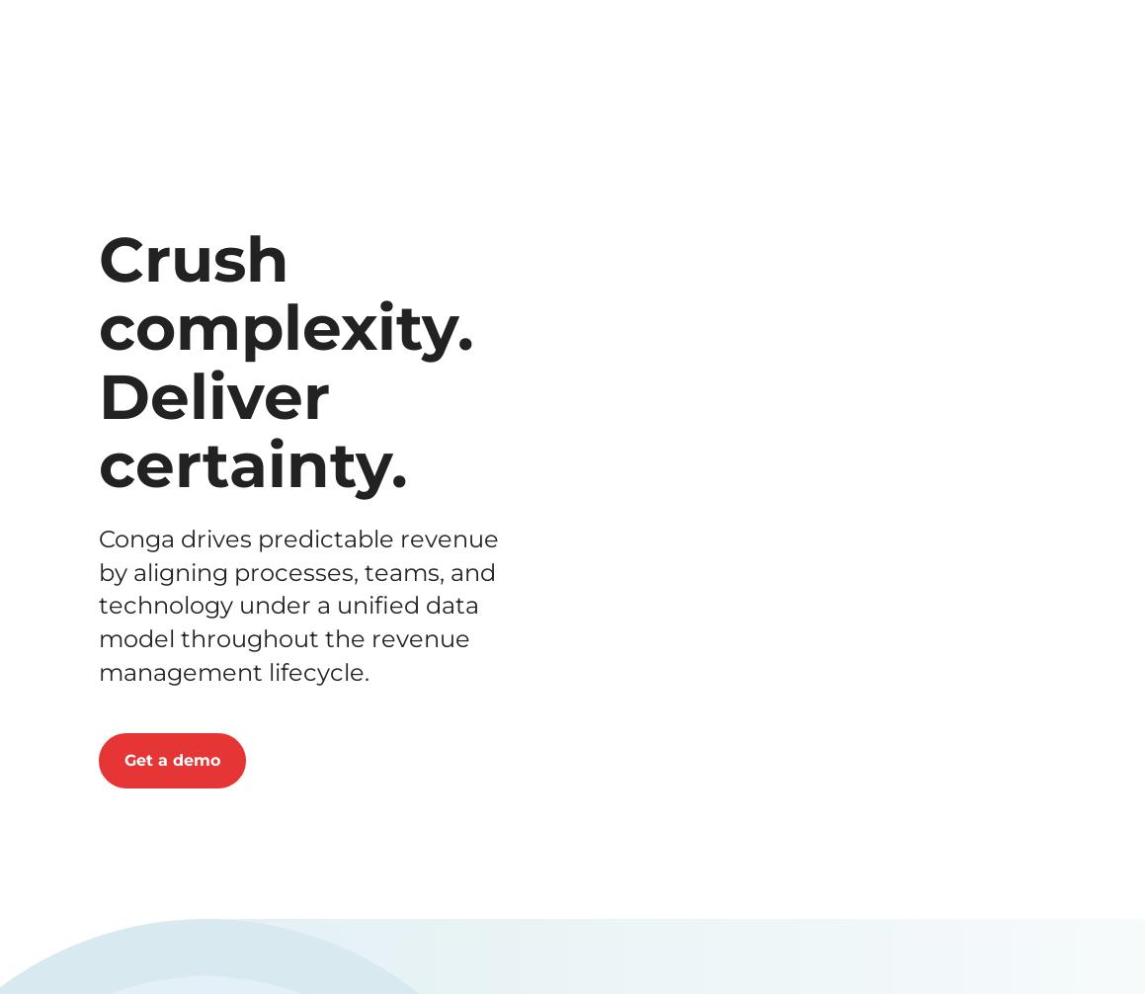 This screenshot has height=994, width=1145. What do you see at coordinates (451, 485) in the screenshot?
I see `'Company name'` at bounding box center [451, 485].